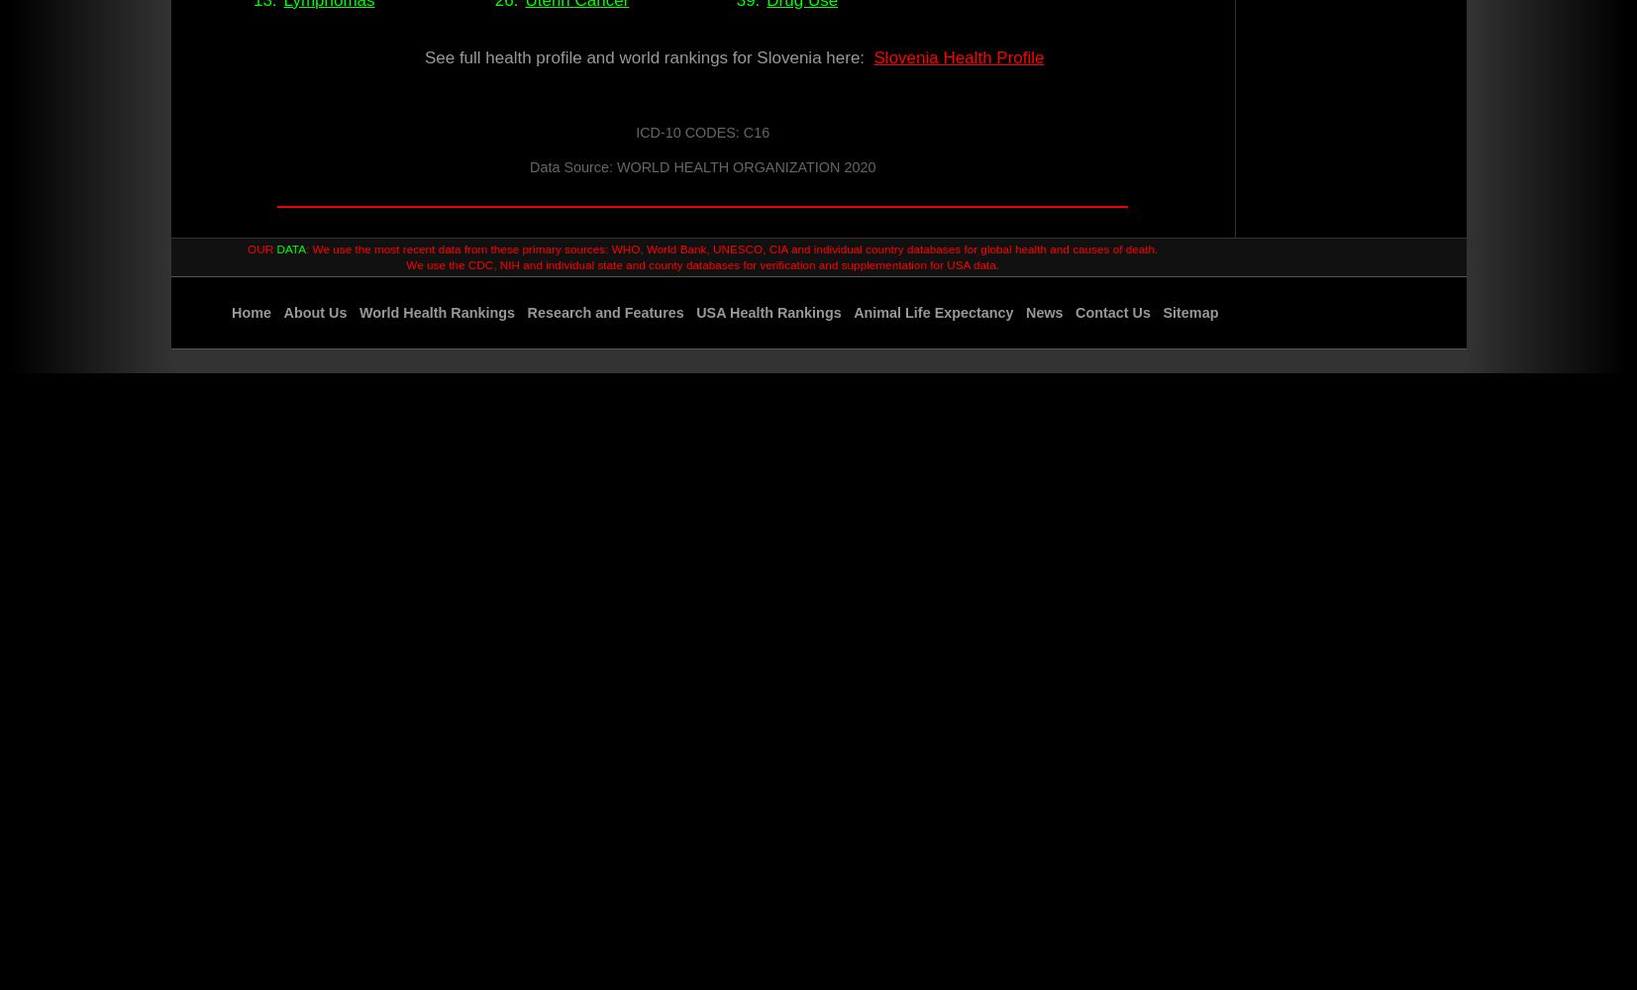  Describe the element at coordinates (731, 248) in the screenshot. I see `': We use the most recent data from these primary sources: WHO, World Bank, UNESCO, CIA and individual country databases for global health and causes of death.'` at that location.